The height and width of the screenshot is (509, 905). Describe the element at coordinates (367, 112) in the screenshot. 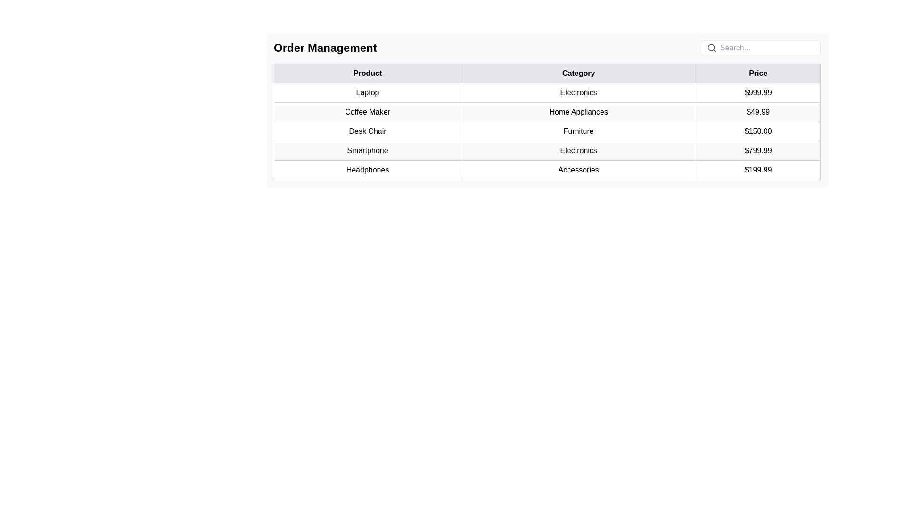

I see `the static text field displaying 'Coffee Maker' in the second row of the product table` at that location.